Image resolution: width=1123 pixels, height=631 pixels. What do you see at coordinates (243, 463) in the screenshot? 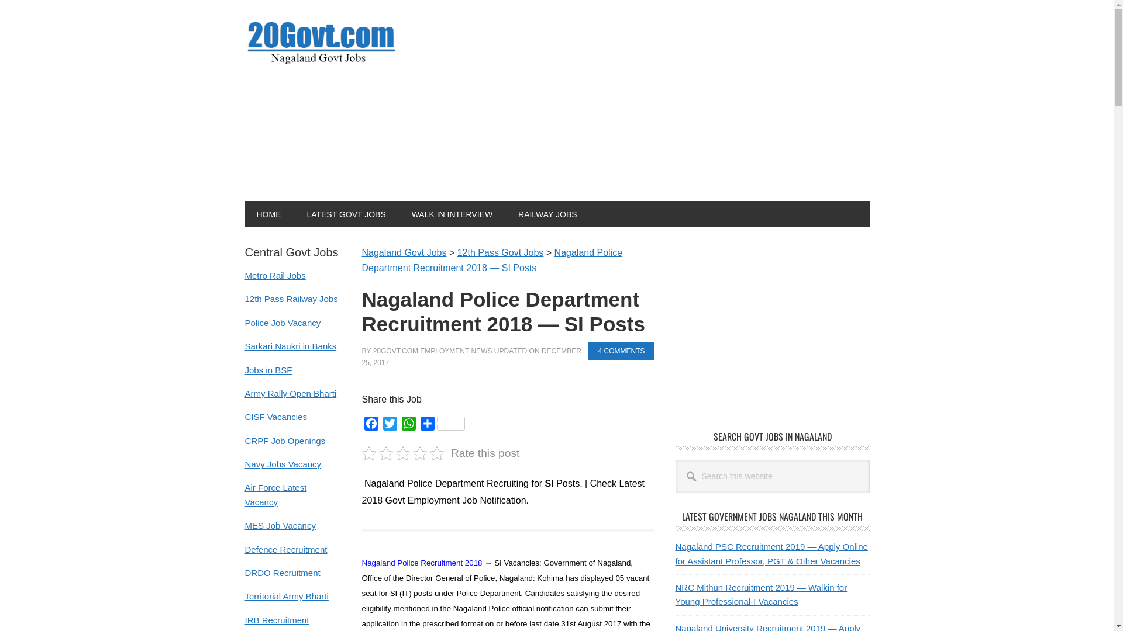
I see `'Navy Jobs Vacancy'` at bounding box center [243, 463].